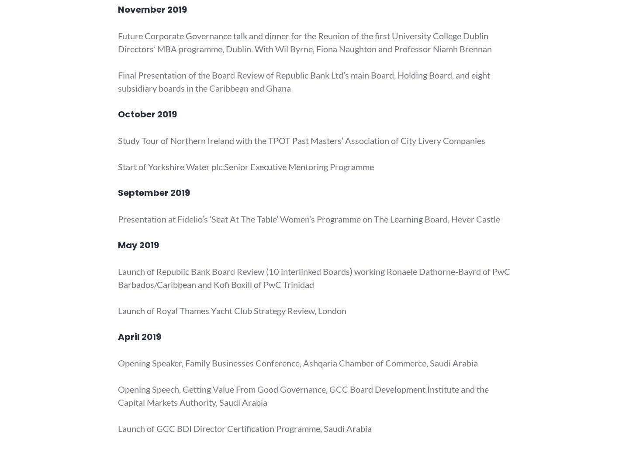 The height and width of the screenshot is (452, 629). What do you see at coordinates (154, 192) in the screenshot?
I see `'September 2019'` at bounding box center [154, 192].